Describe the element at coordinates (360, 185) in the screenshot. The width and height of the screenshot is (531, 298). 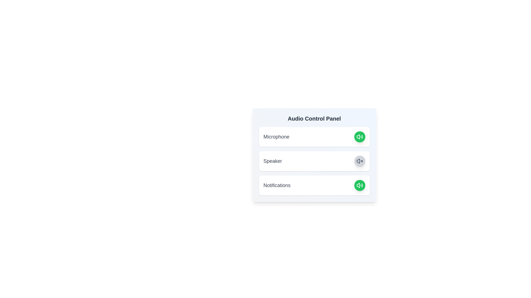
I see `the notification toggle button located in the third card of the 'Audio Control Panel'` at that location.